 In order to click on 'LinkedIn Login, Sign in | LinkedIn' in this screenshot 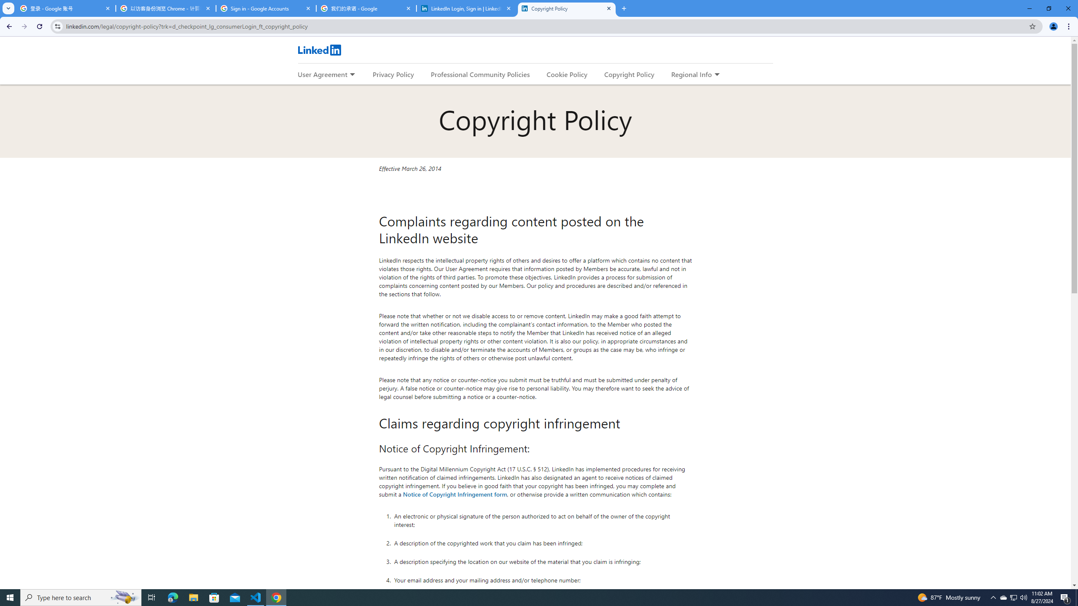, I will do `click(467, 8)`.